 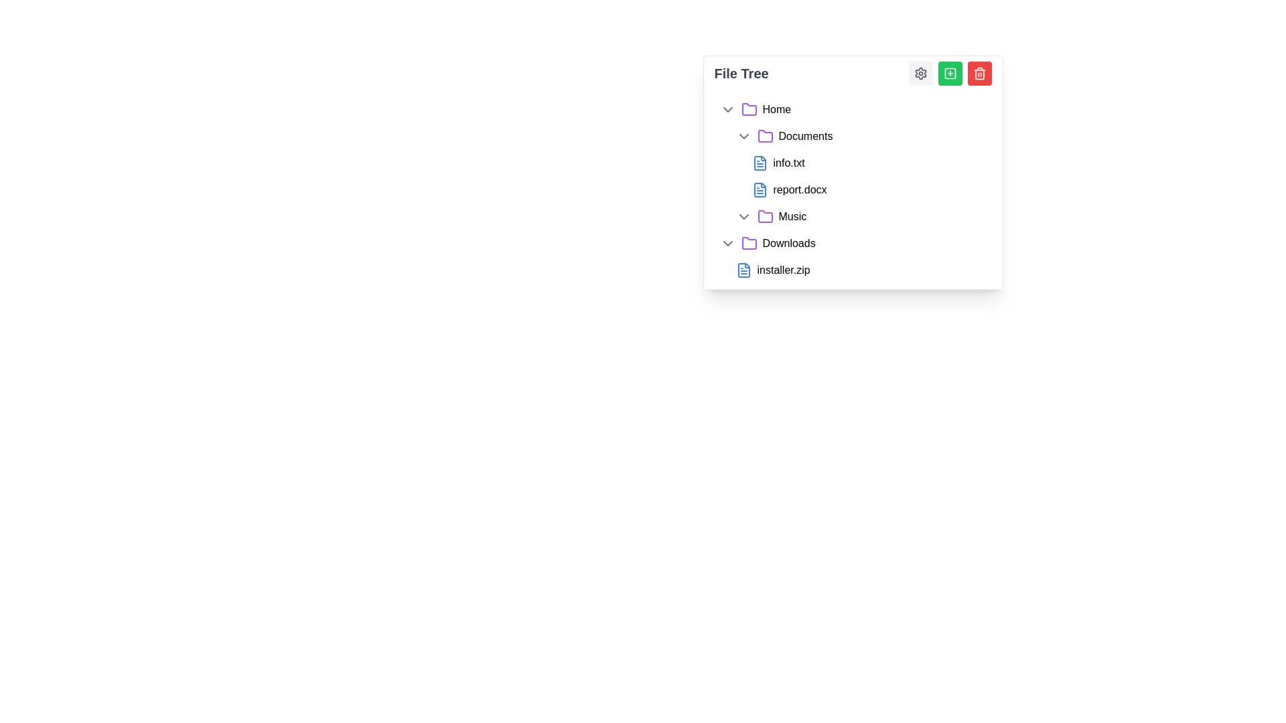 What do you see at coordinates (949, 74) in the screenshot?
I see `the green square button with rounded corners containing a white plus sign` at bounding box center [949, 74].